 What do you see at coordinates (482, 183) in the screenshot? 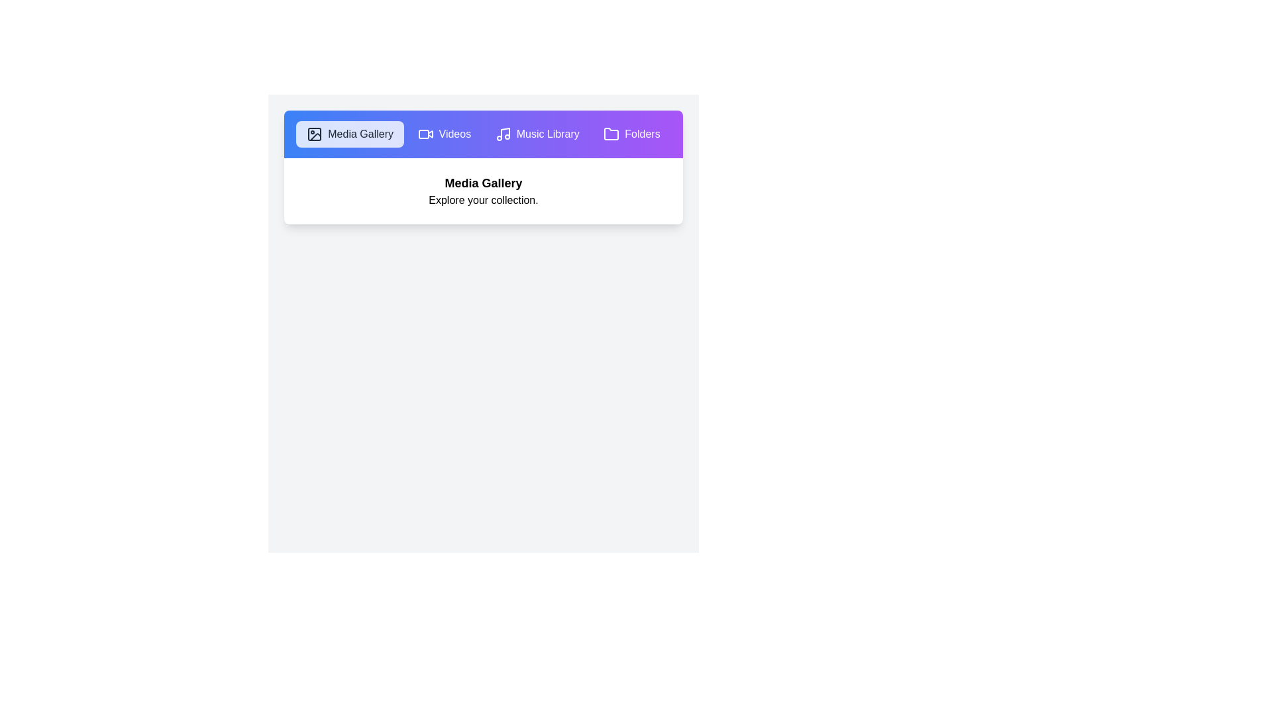
I see `the Text Label that indicates the current module or functionality being displayed, located near the top-center of the interface above the text 'Explore your collection.'` at bounding box center [482, 183].